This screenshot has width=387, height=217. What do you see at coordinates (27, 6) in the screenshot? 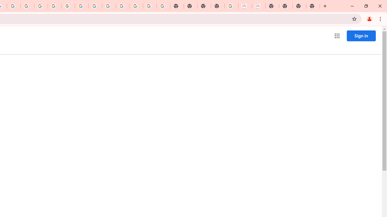
I see `'Privacy Help Center - Policies Help'` at bounding box center [27, 6].